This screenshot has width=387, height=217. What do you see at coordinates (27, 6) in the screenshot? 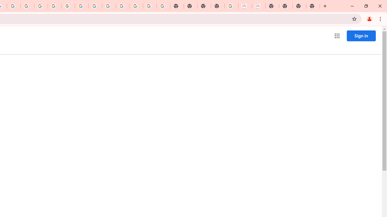
I see `'Privacy Help Center - Policies Help'` at bounding box center [27, 6].